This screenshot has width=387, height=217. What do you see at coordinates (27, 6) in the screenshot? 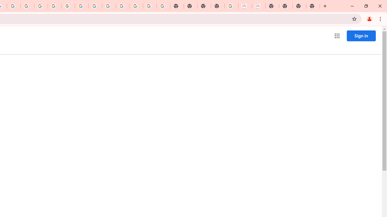
I see `'Privacy Help Center - Policies Help'` at bounding box center [27, 6].